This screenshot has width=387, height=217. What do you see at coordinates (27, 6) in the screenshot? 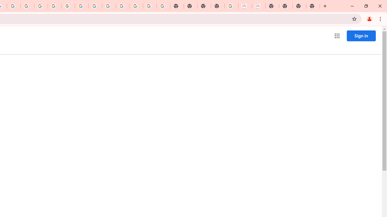
I see `'Privacy Help Center - Policies Help'` at bounding box center [27, 6].